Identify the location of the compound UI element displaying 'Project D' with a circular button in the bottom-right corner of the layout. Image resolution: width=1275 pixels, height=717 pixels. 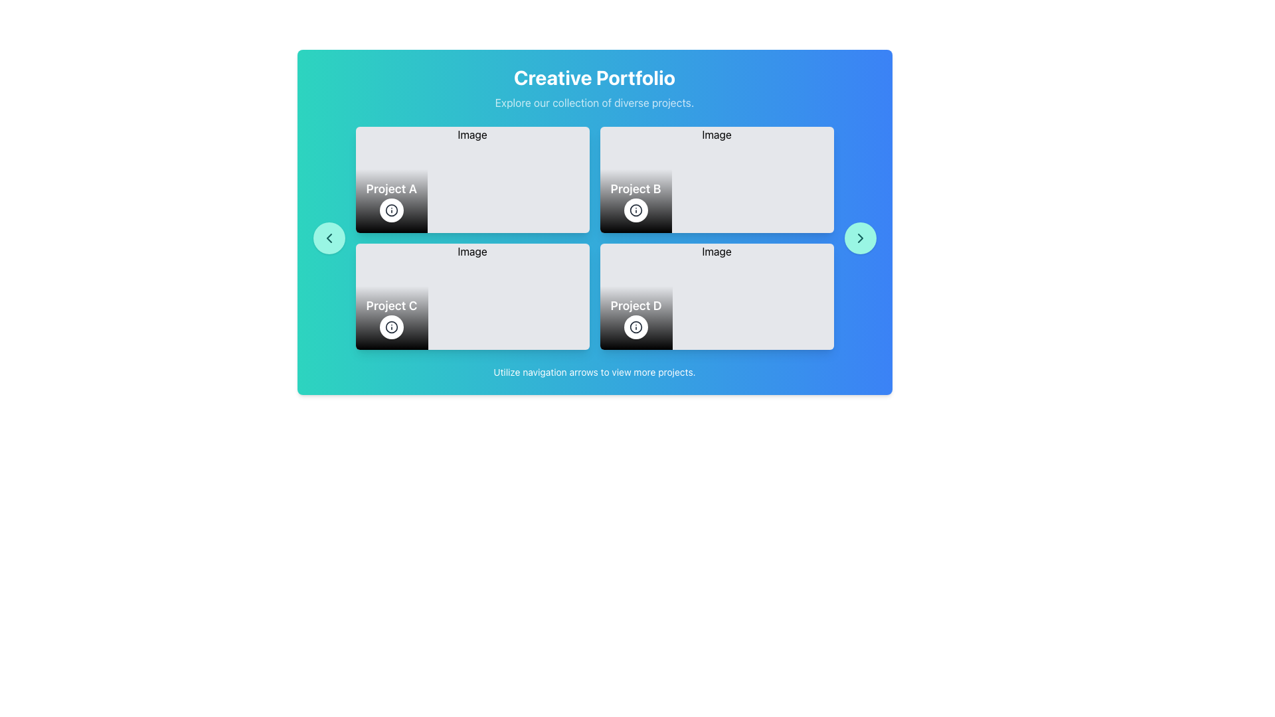
(636, 317).